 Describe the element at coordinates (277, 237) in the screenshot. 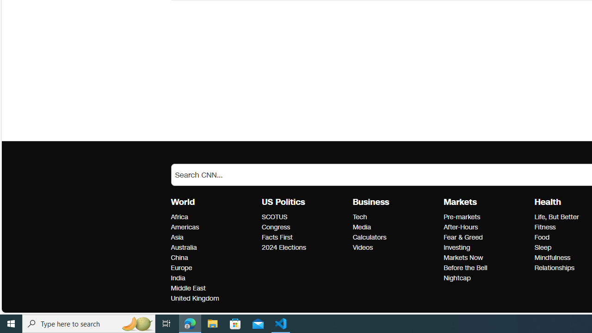

I see `'US Politics Facts First'` at that location.